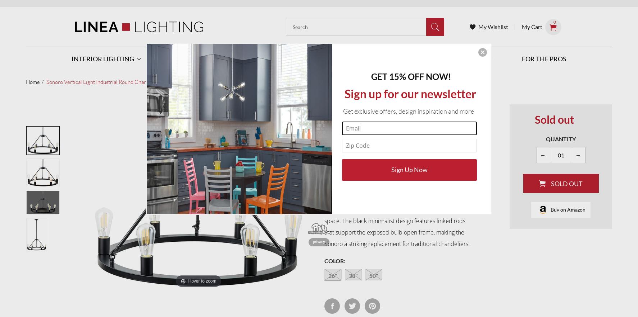 This screenshot has height=317, width=638. I want to click on 'About Us', so click(393, 98).